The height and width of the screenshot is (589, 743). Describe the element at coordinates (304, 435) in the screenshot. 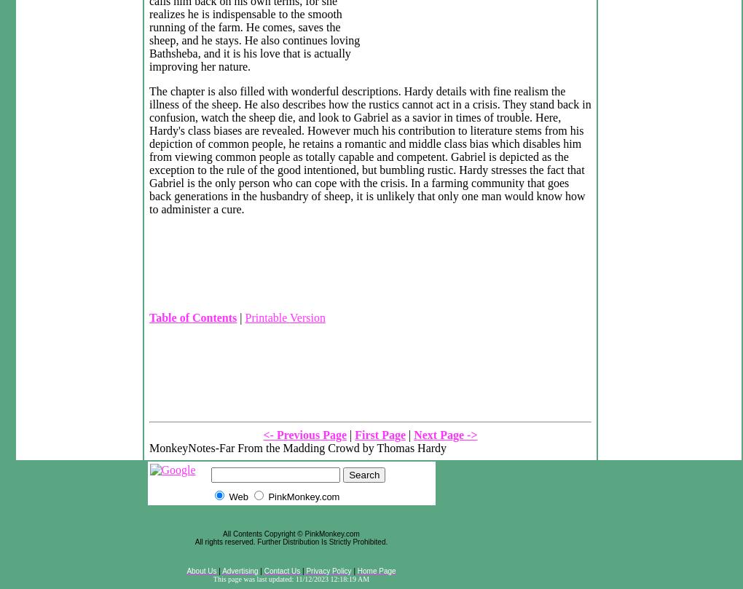

I see `'<- Previous Page'` at that location.